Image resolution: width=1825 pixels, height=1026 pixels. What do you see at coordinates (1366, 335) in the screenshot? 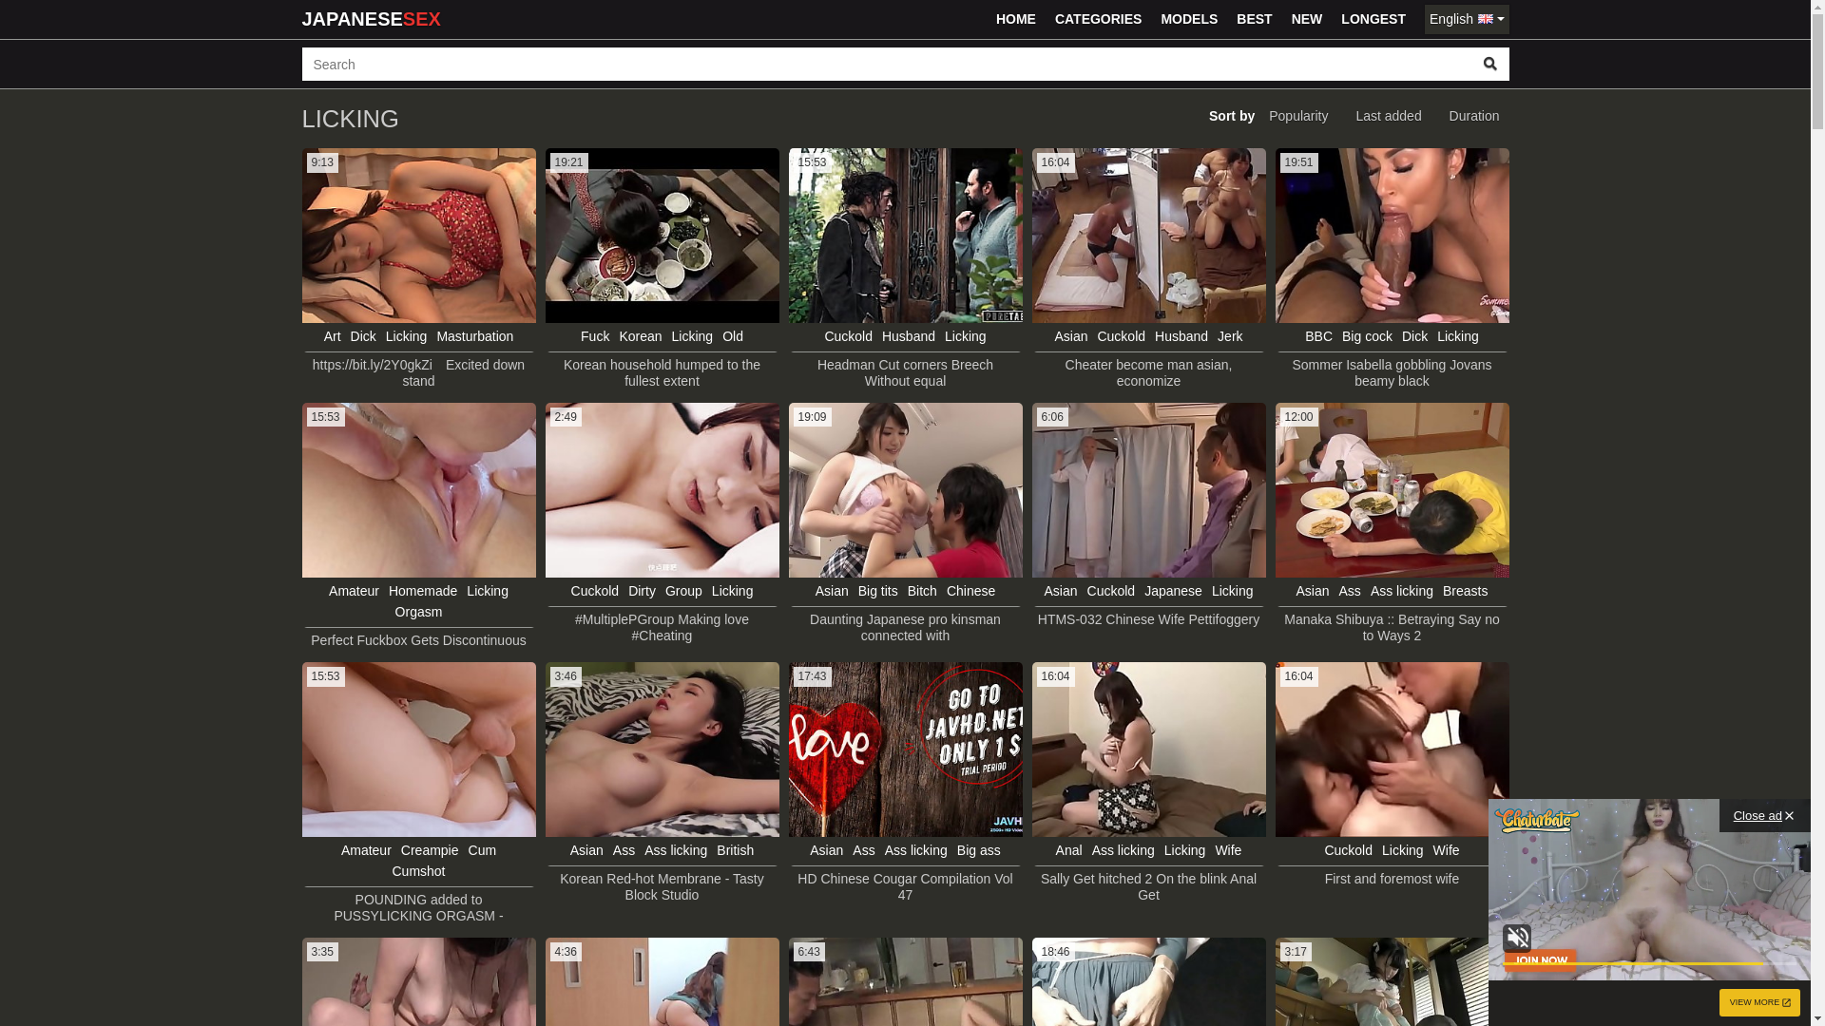
I see `'Big cock'` at bounding box center [1366, 335].